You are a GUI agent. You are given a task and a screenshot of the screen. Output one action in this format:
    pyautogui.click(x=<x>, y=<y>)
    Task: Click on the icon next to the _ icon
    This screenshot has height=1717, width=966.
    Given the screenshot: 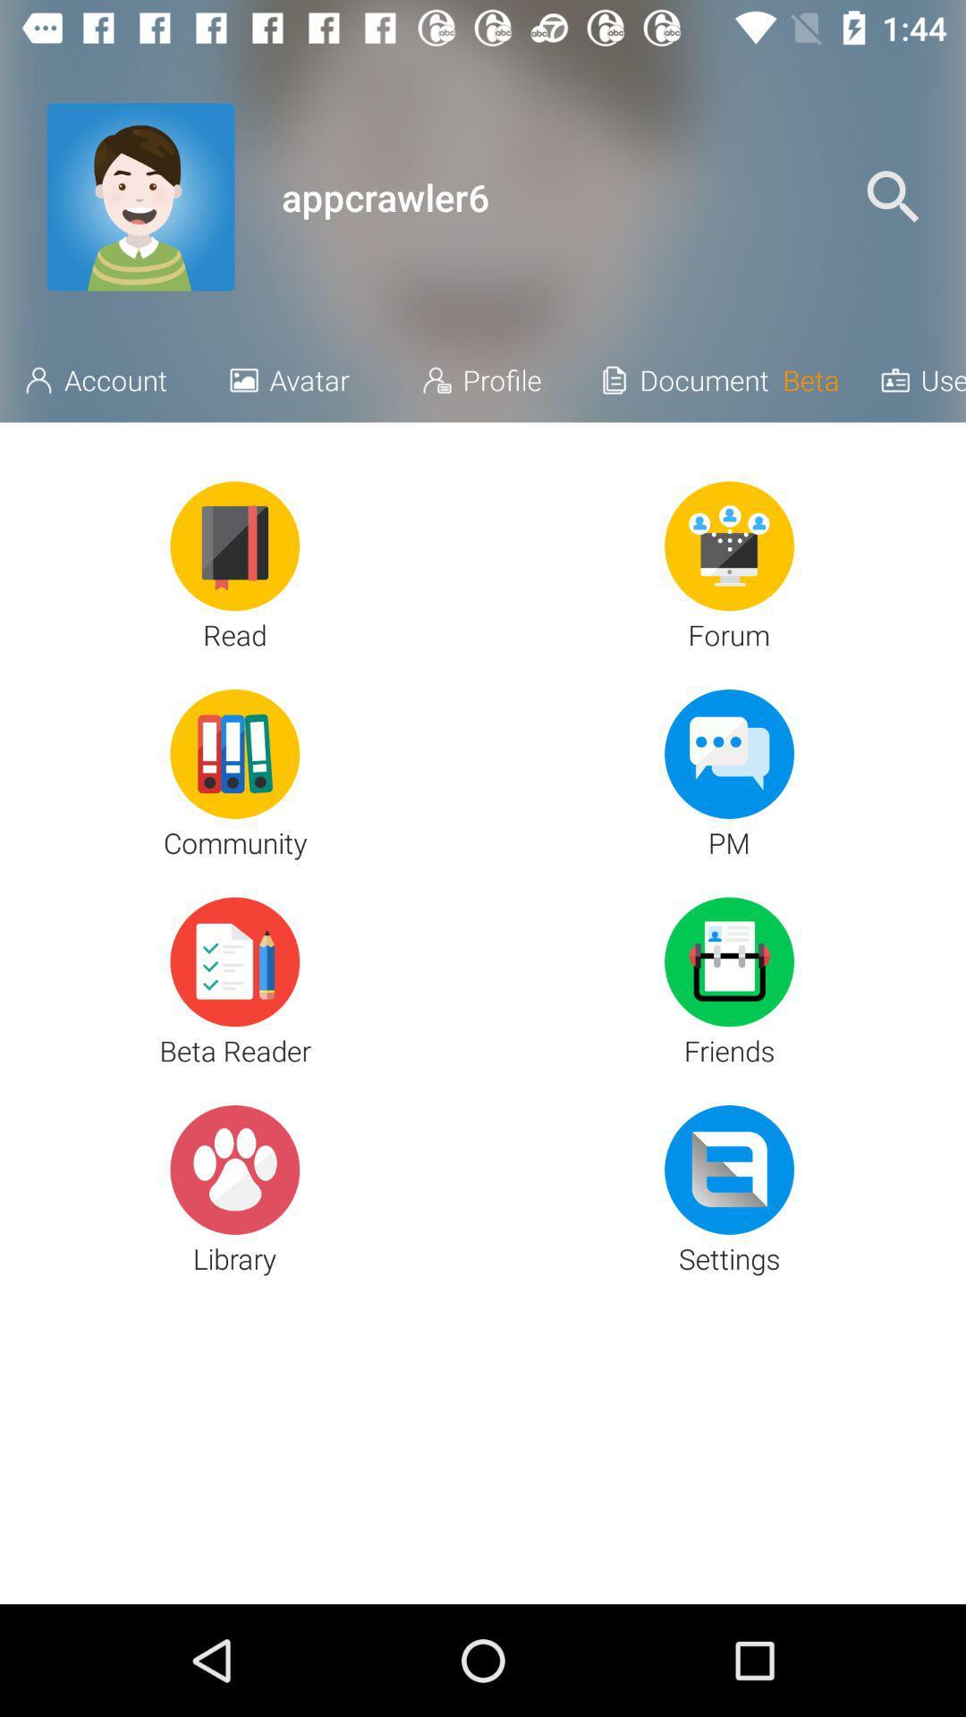 What is the action you would take?
    pyautogui.click(x=574, y=197)
    